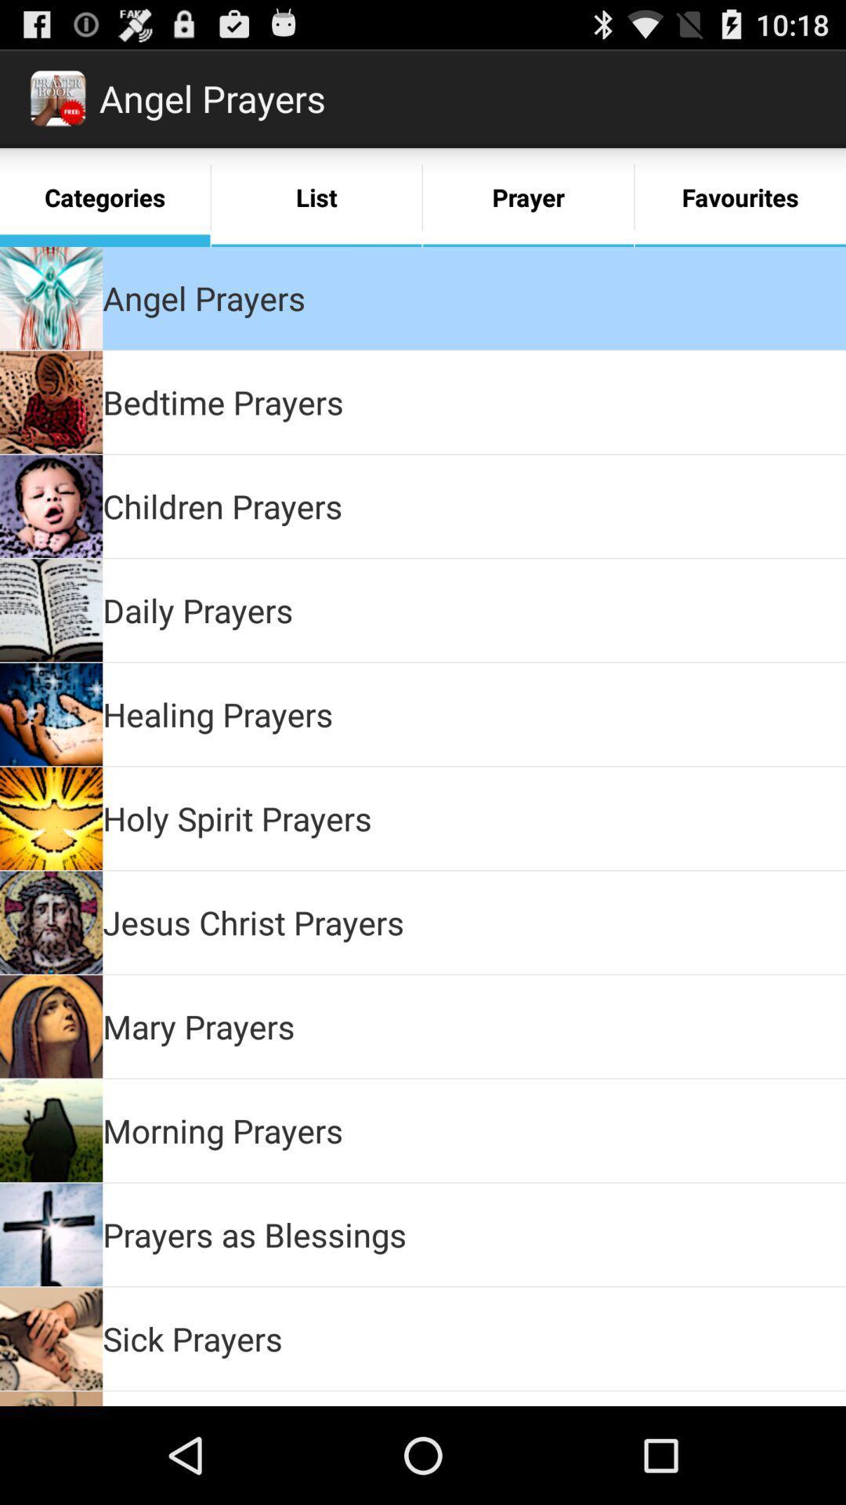 Image resolution: width=846 pixels, height=1505 pixels. Describe the element at coordinates (223, 402) in the screenshot. I see `bedtime prayers app` at that location.